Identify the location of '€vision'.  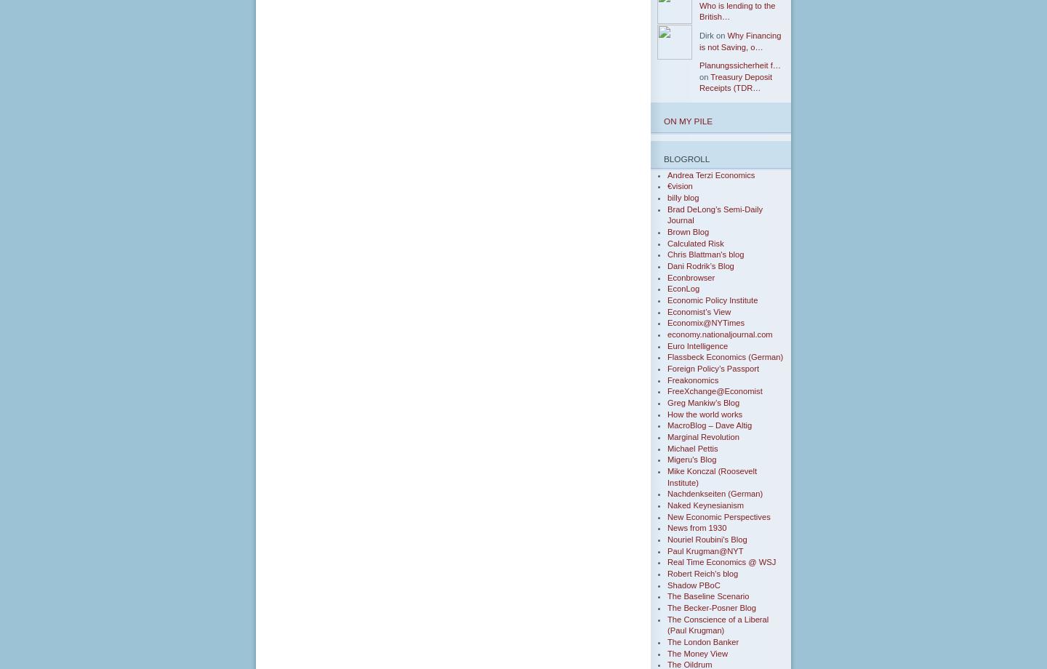
(679, 186).